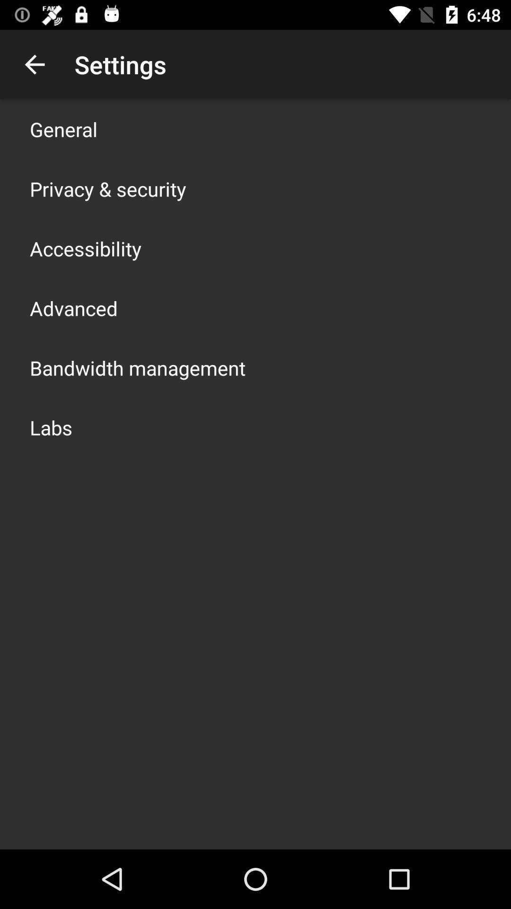 Image resolution: width=511 pixels, height=909 pixels. Describe the element at coordinates (51, 427) in the screenshot. I see `labs icon` at that location.